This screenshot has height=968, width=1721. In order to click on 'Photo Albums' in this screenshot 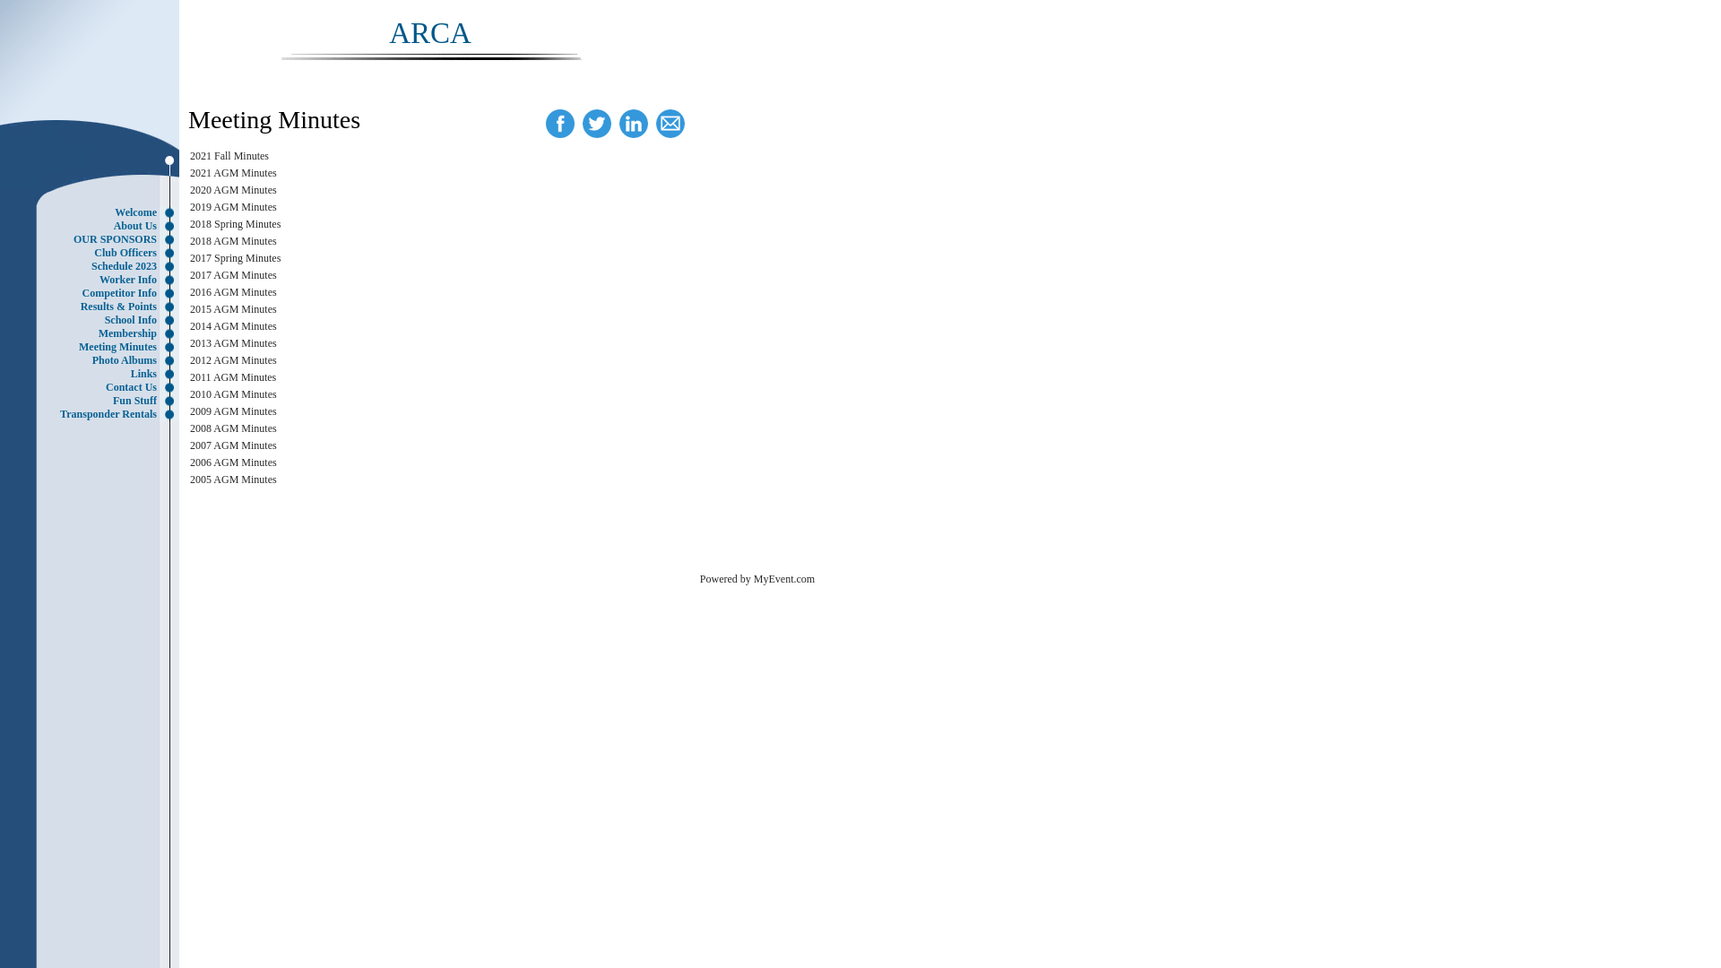, I will do `click(93, 360)`.